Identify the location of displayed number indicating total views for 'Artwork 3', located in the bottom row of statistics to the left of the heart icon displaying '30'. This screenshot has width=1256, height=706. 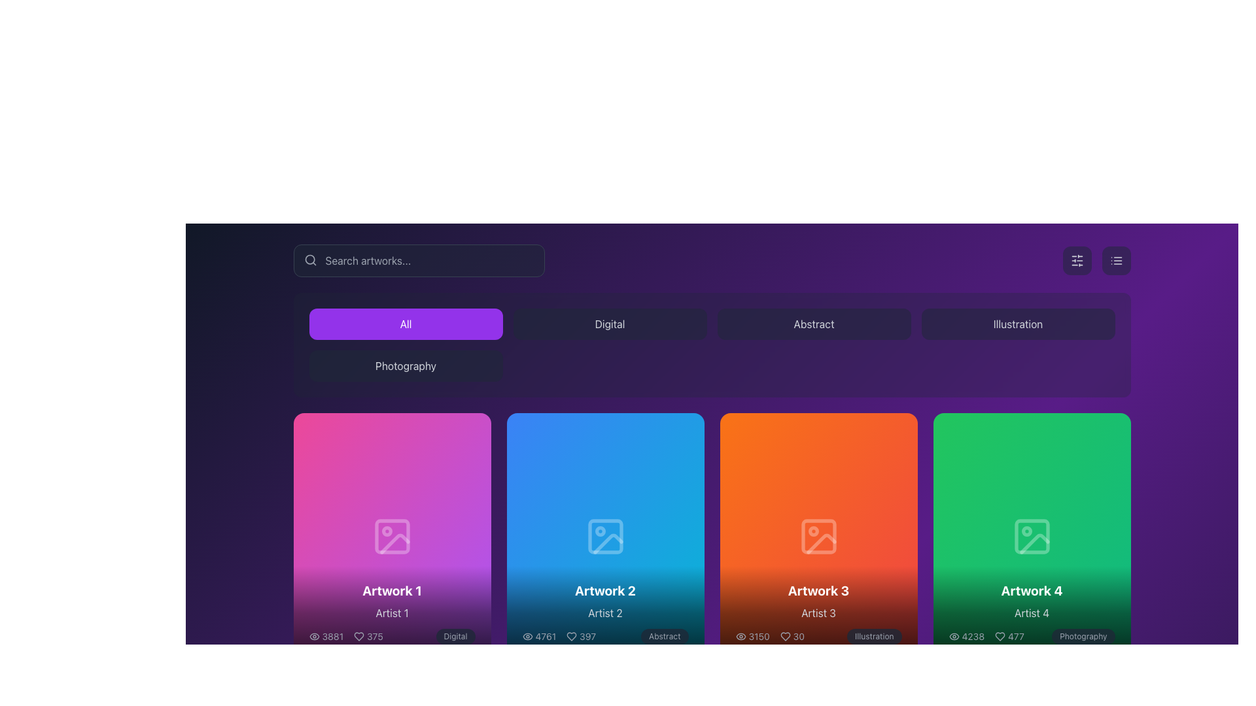
(752, 635).